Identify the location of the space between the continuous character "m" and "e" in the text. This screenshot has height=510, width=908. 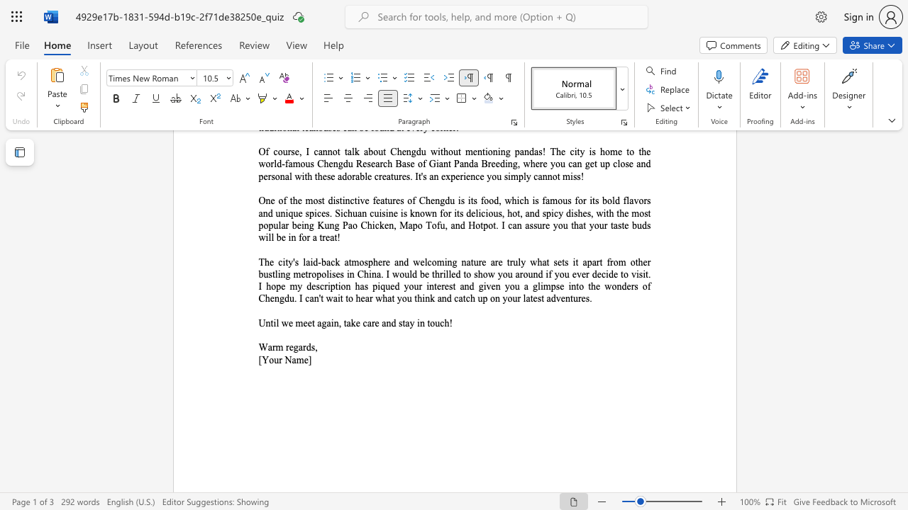
(302, 359).